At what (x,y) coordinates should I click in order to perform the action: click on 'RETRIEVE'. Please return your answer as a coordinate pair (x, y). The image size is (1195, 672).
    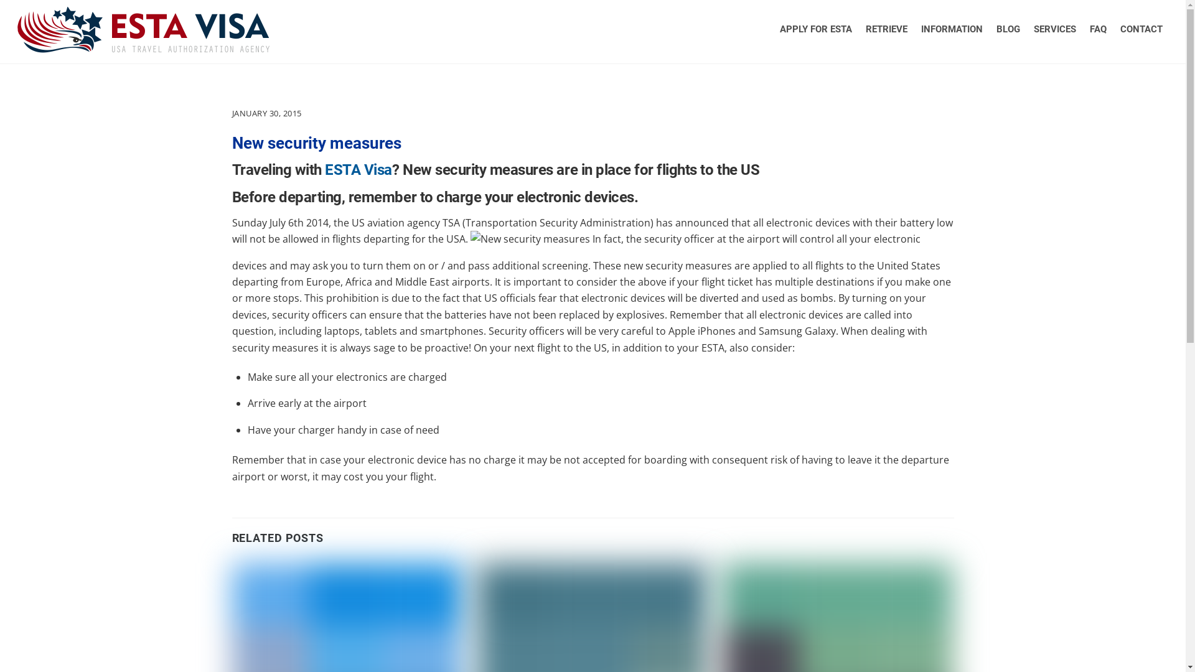
    Looking at the image, I should click on (886, 28).